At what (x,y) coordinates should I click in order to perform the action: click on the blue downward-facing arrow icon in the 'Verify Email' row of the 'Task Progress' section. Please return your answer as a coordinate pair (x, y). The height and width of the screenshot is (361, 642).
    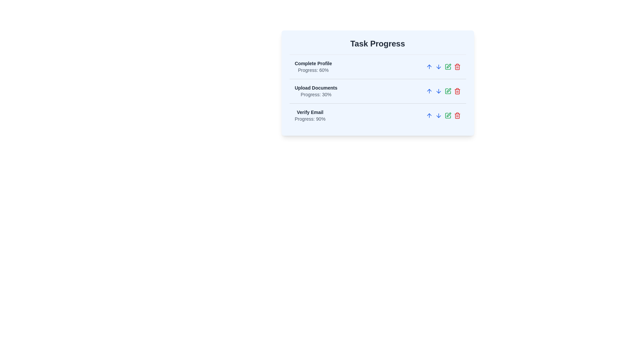
    Looking at the image, I should click on (438, 115).